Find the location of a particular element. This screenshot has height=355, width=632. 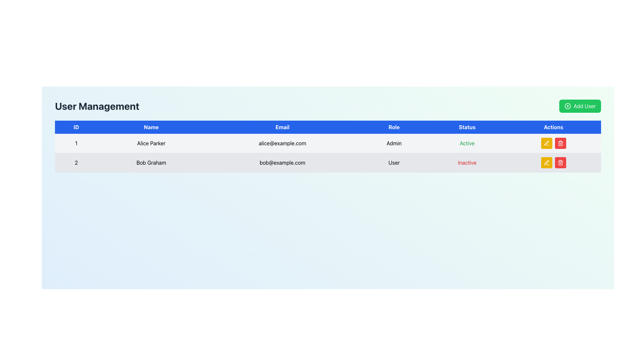

the delete button located in the 'Actions' column of the second row in the table is located at coordinates (560, 143).